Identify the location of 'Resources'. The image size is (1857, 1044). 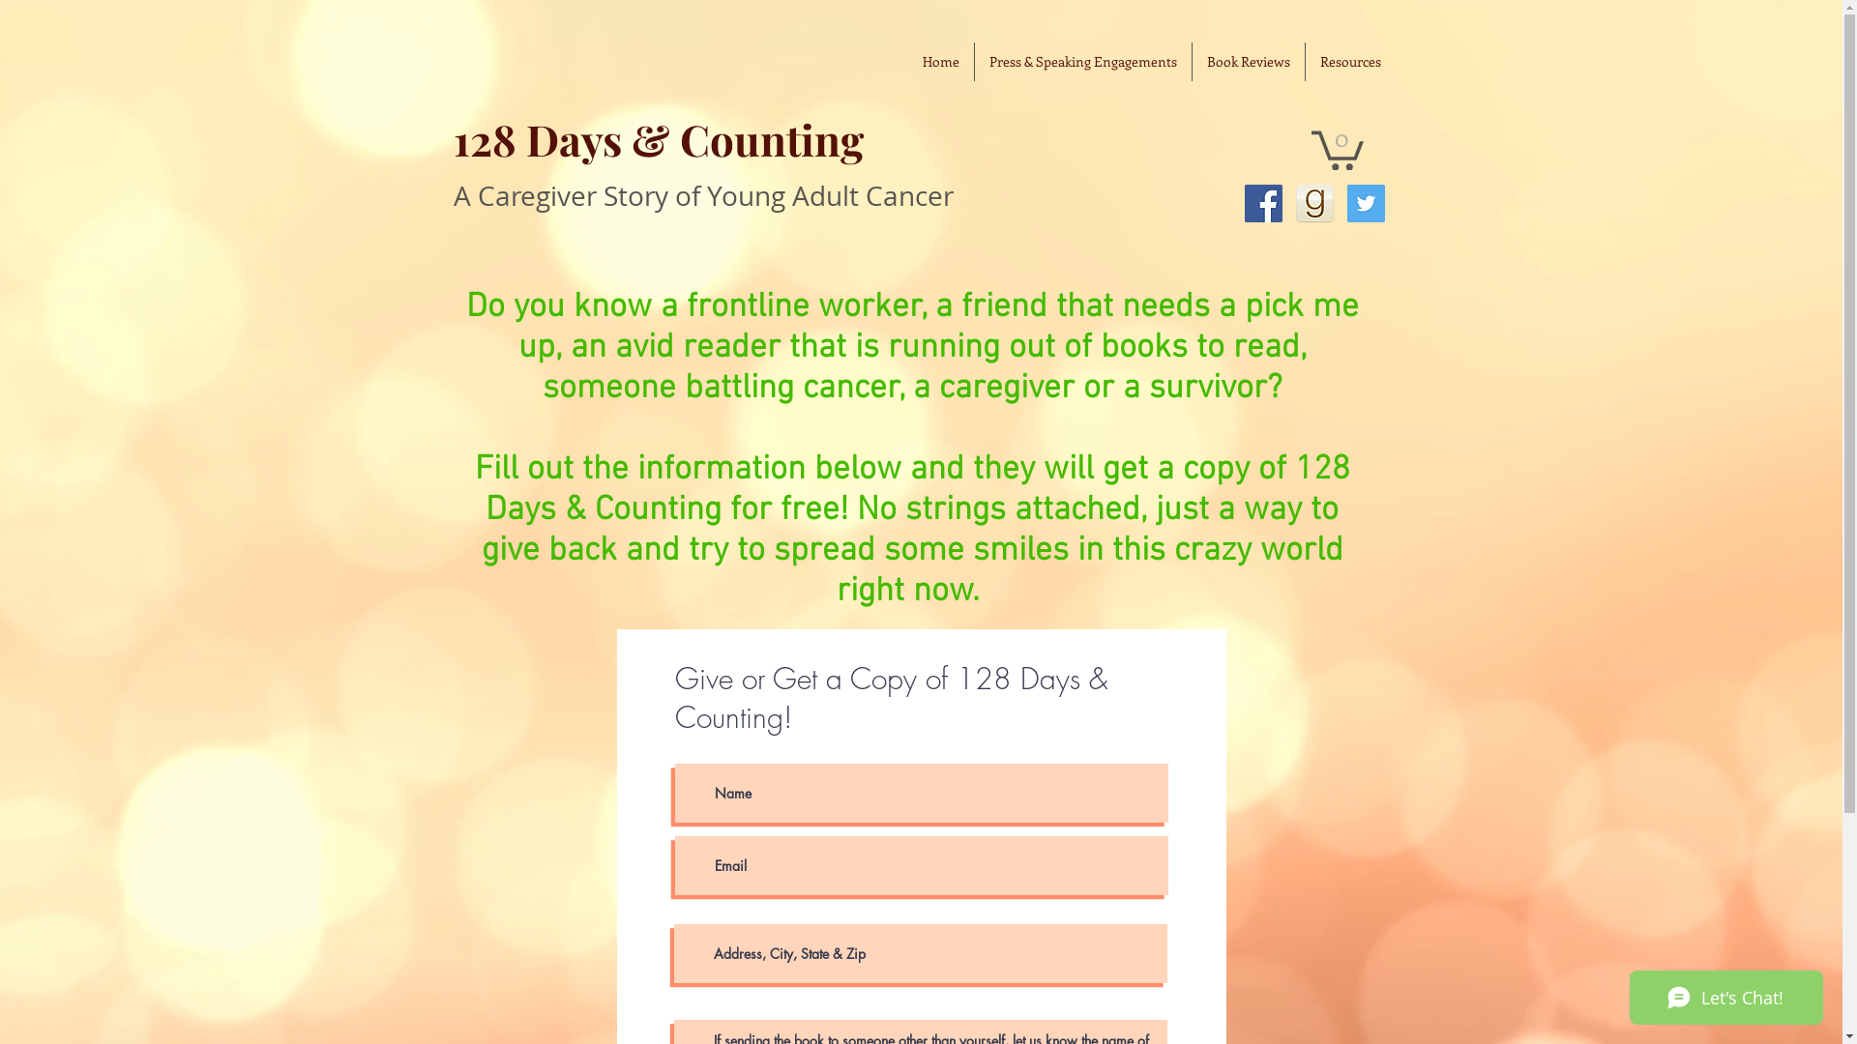
(1349, 61).